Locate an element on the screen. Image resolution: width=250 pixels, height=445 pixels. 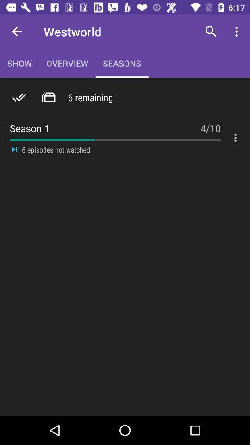
the icon to the left of the 6 remaining icon is located at coordinates (48, 97).